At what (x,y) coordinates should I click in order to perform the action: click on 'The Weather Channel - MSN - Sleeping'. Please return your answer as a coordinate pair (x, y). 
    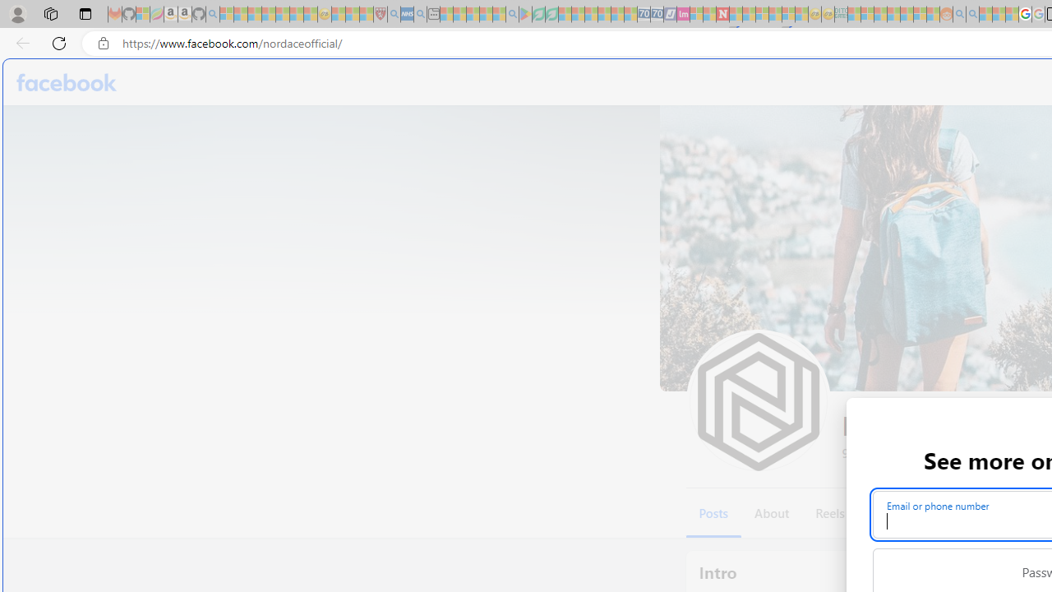
    Looking at the image, I should click on (253, 14).